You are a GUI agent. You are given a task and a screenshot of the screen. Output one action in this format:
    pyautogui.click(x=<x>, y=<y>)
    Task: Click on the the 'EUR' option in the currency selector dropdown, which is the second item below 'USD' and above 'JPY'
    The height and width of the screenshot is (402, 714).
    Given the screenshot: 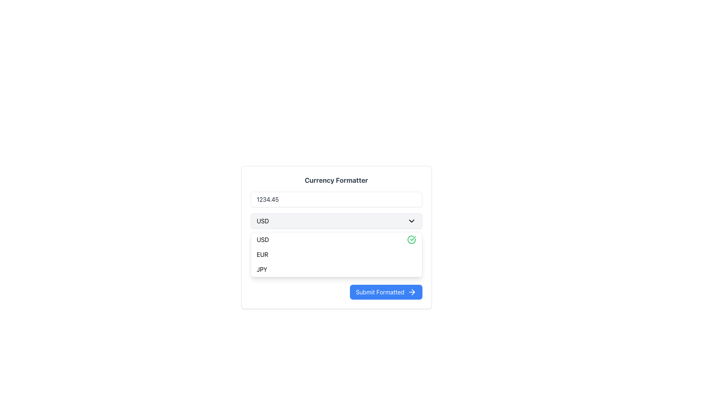 What is the action you would take?
    pyautogui.click(x=336, y=254)
    